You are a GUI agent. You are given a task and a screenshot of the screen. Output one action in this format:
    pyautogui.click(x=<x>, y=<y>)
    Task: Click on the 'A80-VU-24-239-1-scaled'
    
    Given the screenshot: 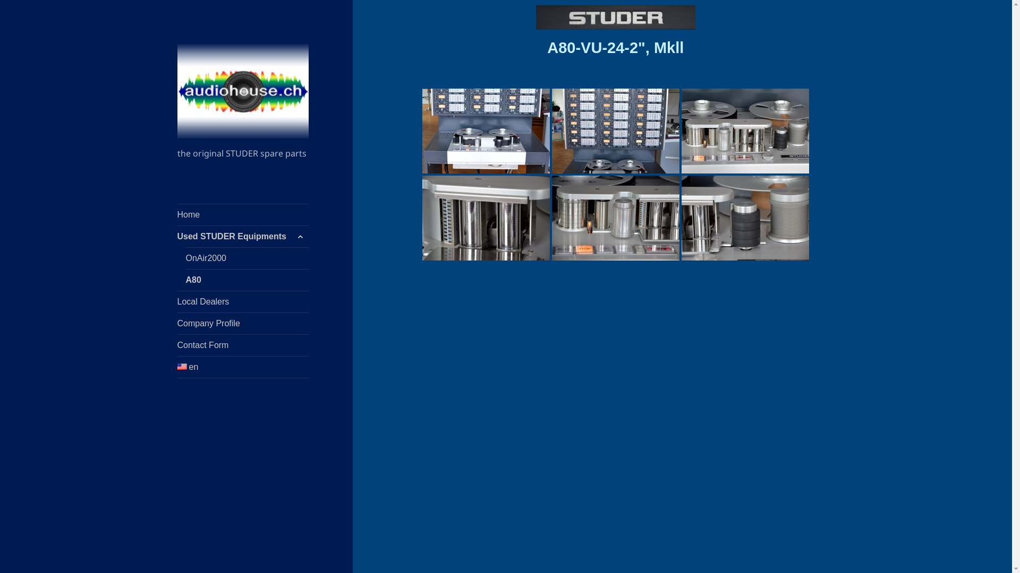 What is the action you would take?
    pyautogui.click(x=486, y=130)
    